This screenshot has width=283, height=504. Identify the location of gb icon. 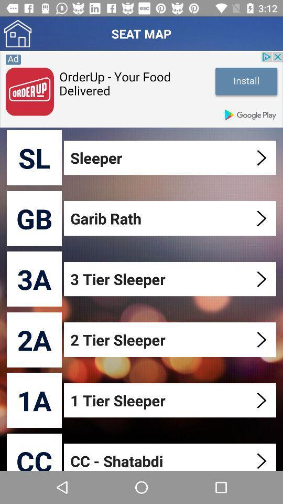
(34, 218).